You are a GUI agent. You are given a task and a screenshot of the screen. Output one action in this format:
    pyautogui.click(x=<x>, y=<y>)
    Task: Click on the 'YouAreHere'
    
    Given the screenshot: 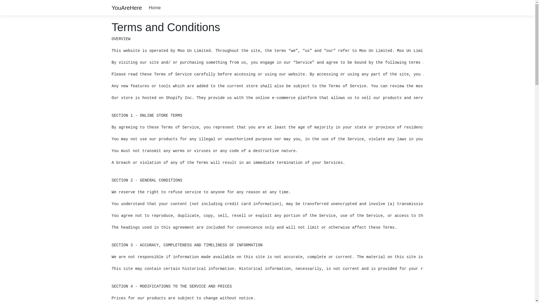 What is the action you would take?
    pyautogui.click(x=126, y=8)
    